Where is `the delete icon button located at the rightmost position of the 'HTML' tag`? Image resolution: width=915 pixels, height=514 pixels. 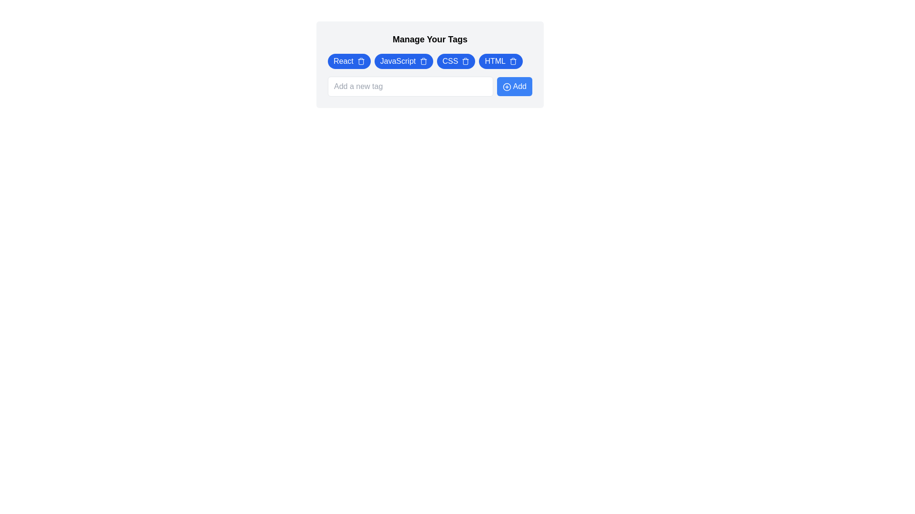 the delete icon button located at the rightmost position of the 'HTML' tag is located at coordinates (512, 61).